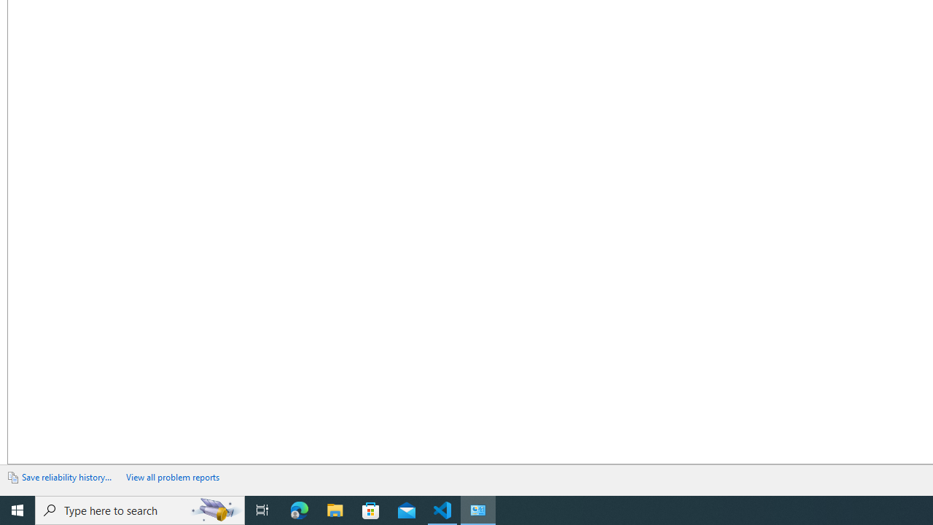 This screenshot has width=933, height=525. Describe the element at coordinates (68, 478) in the screenshot. I see `'ExportLink'` at that location.